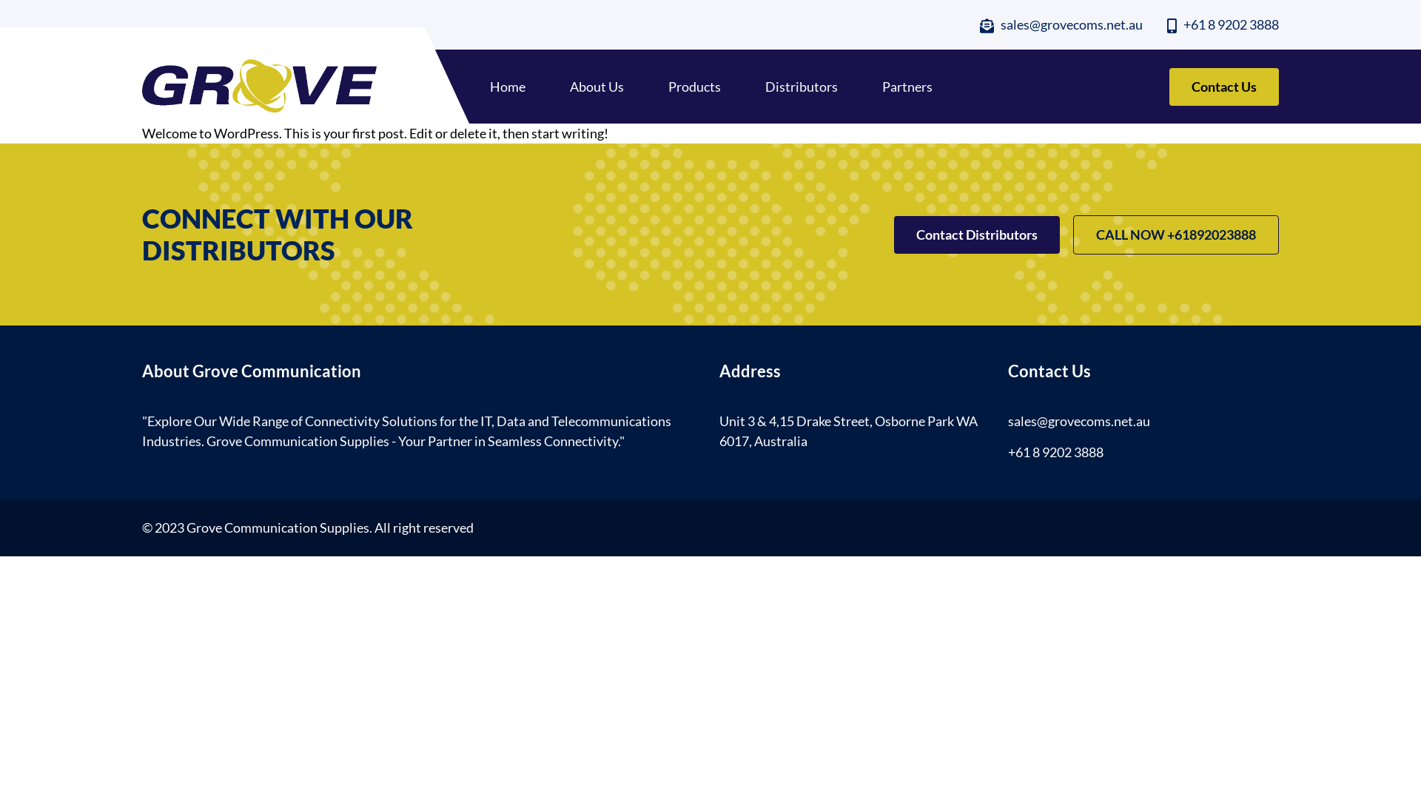 This screenshot has width=1421, height=799. What do you see at coordinates (906, 86) in the screenshot?
I see `'Partners'` at bounding box center [906, 86].